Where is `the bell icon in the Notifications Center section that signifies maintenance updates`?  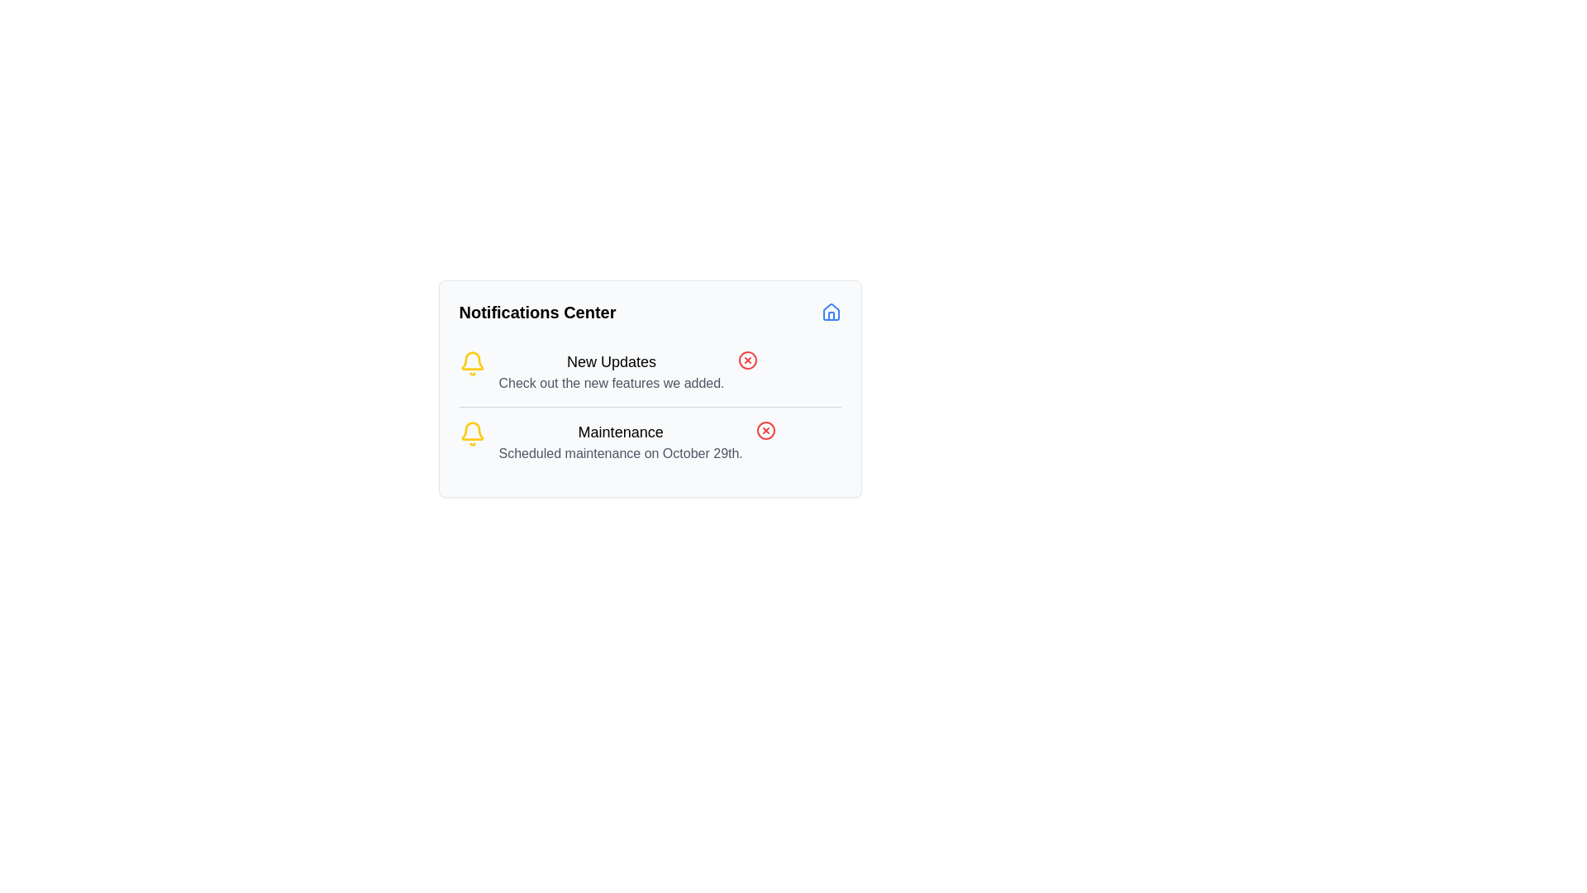
the bell icon in the Notifications Center section that signifies maintenance updates is located at coordinates (471, 360).